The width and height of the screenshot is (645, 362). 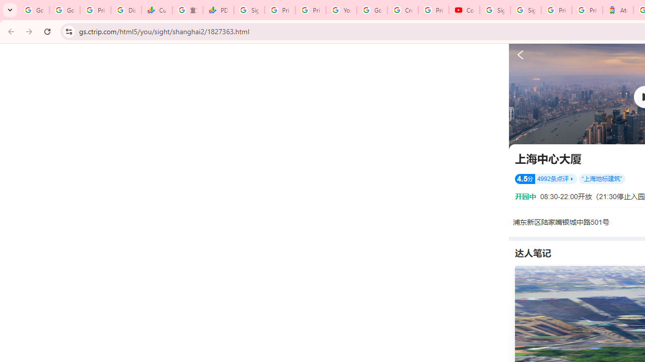 What do you see at coordinates (156, 10) in the screenshot?
I see `'Currencies - Google Finance'` at bounding box center [156, 10].